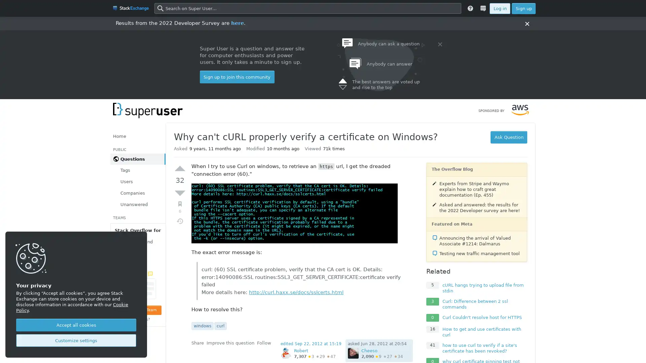  Describe the element at coordinates (180, 207) in the screenshot. I see `Bookmark (6)` at that location.